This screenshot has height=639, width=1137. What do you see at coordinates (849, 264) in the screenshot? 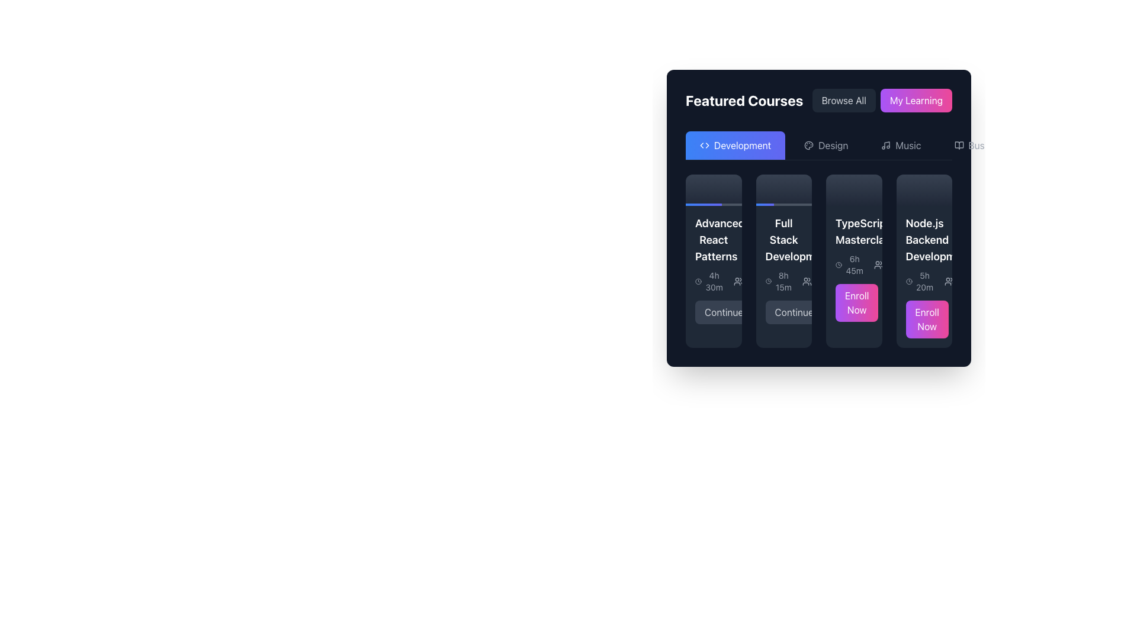
I see `the textual label displaying the time duration '6h 45m' with a clock icon on its left, located within the 'TypeScript Masterclass' card, above the 'Enroll Now' button` at bounding box center [849, 264].